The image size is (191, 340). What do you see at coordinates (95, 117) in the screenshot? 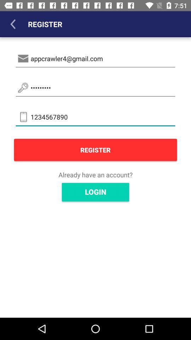
I see `the item above the register item` at bounding box center [95, 117].